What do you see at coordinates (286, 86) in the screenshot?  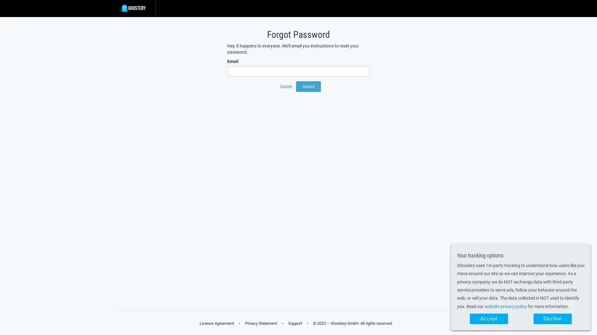 I see `Cancel` at bounding box center [286, 86].